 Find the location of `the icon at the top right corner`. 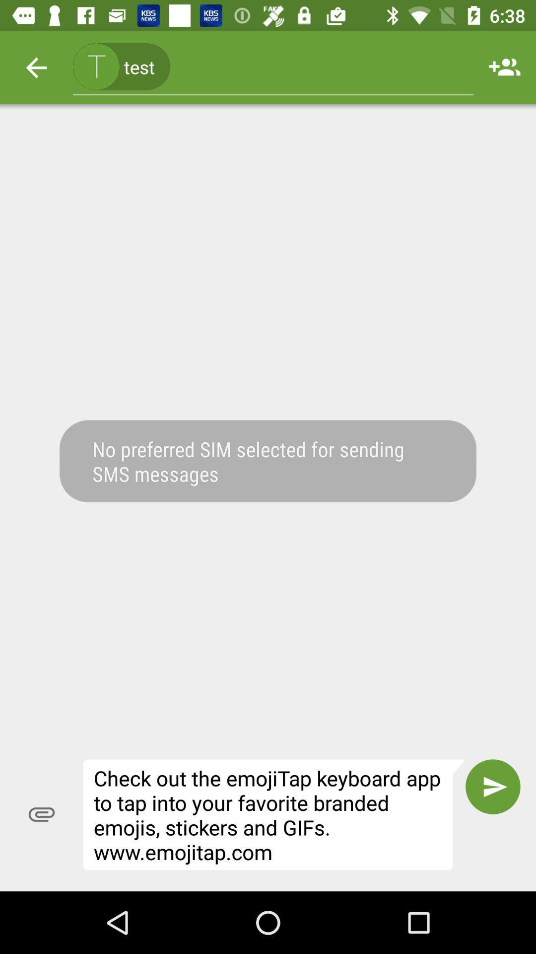

the icon at the top right corner is located at coordinates (505, 67).